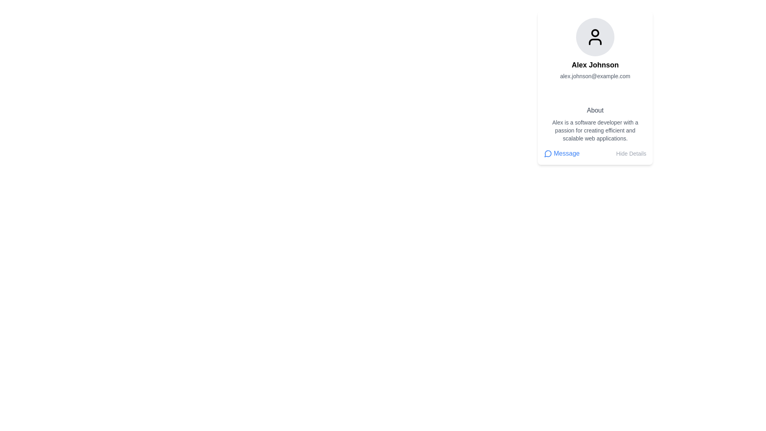 Image resolution: width=766 pixels, height=431 pixels. I want to click on the Descriptive Text Block that provides information about Alex Johnson's profession and interests, located in the card interface after the 'Like' button, so click(595, 124).